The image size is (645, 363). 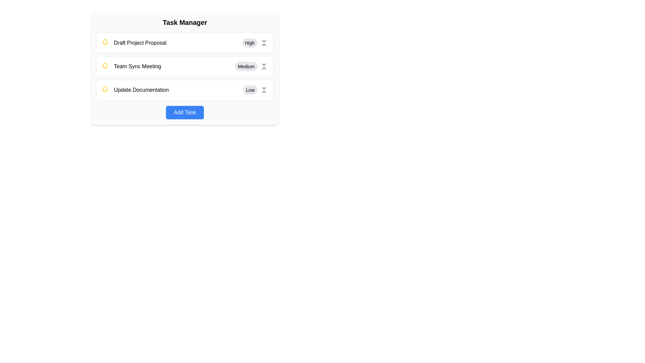 What do you see at coordinates (185, 66) in the screenshot?
I see `the 'Team Sync Meeting' task card in the Task Manager` at bounding box center [185, 66].